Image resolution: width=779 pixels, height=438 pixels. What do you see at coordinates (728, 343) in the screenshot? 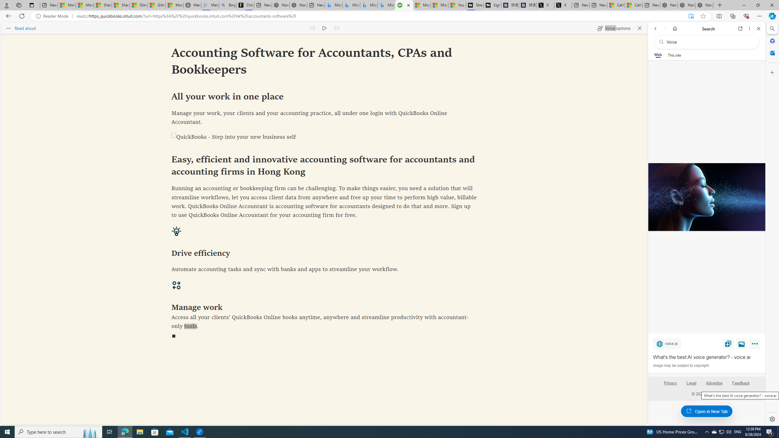
I see `'Save'` at bounding box center [728, 343].